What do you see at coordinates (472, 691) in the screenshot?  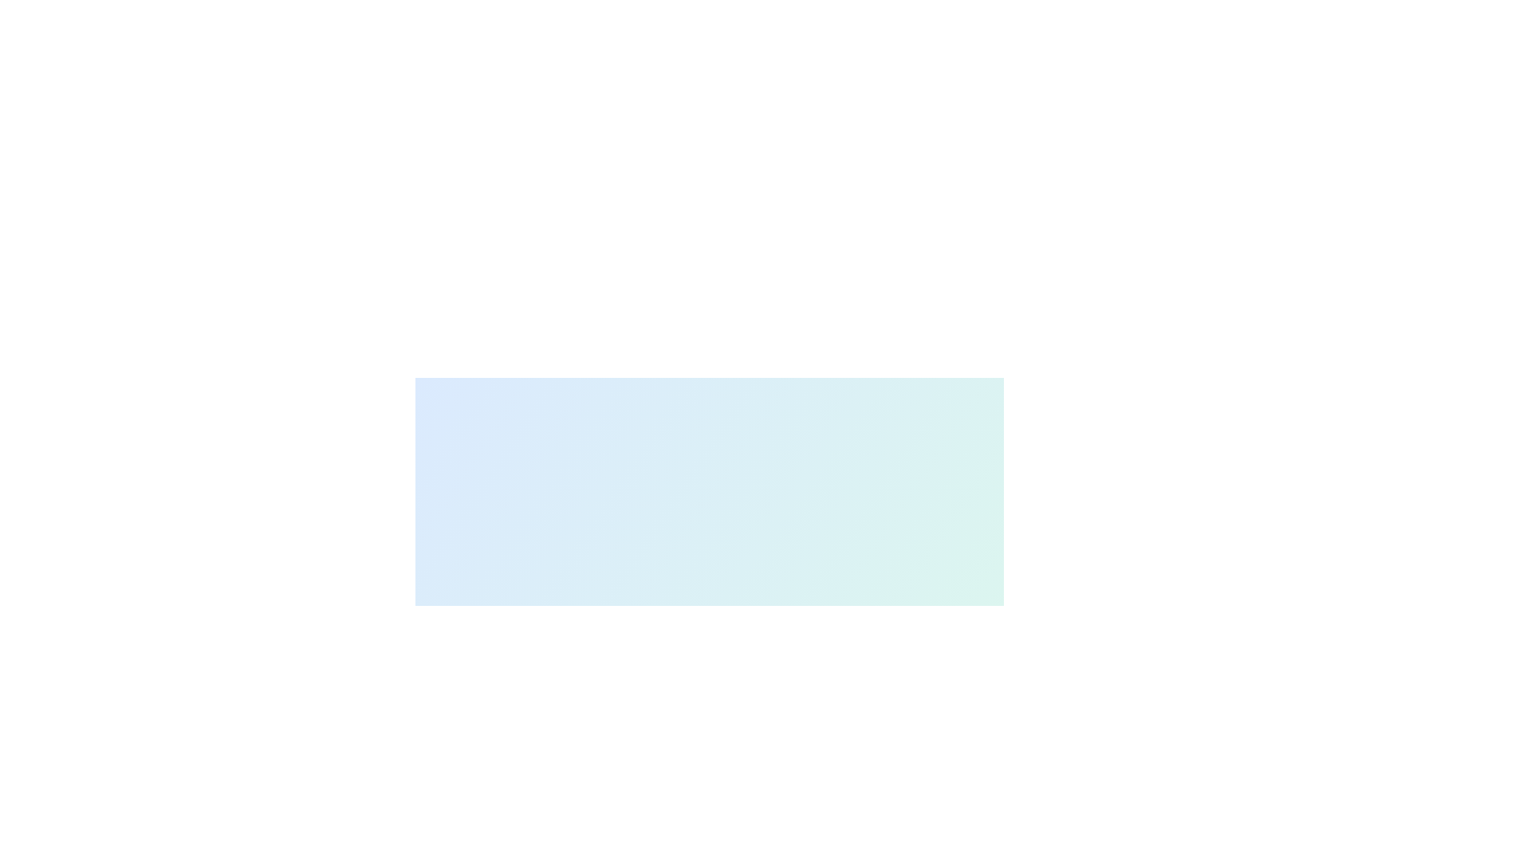 I see `the circular shape within the SVG graphic that is styled with a stroke color and has a diameter defined by a radius of 10, located at the center of its containing SVG element` at bounding box center [472, 691].